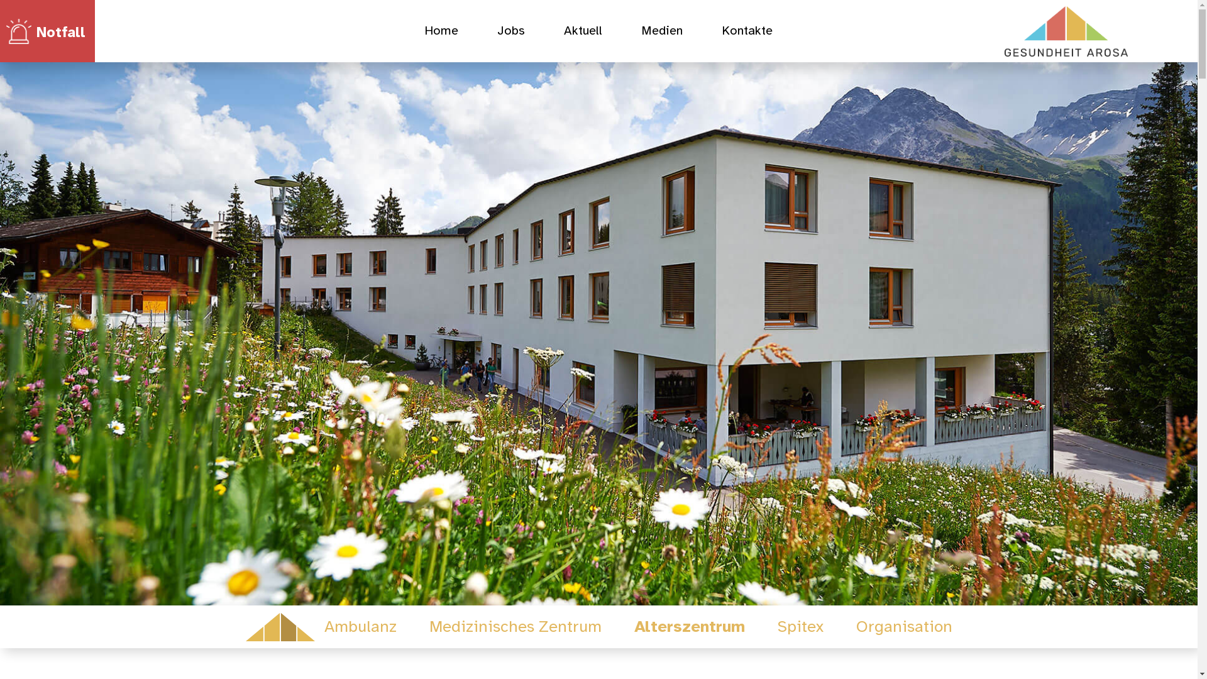 The height and width of the screenshot is (679, 1207). I want to click on 'mk-gesundheitarosa-logo-rgb-rz3-pos-gr', so click(1065, 31).